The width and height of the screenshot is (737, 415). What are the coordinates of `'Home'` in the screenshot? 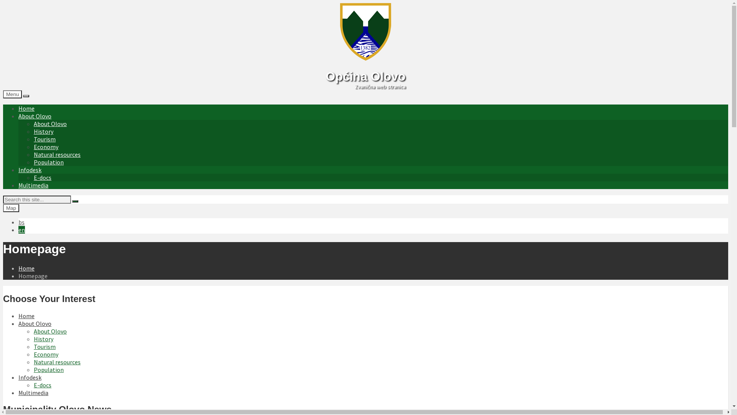 It's located at (26, 268).